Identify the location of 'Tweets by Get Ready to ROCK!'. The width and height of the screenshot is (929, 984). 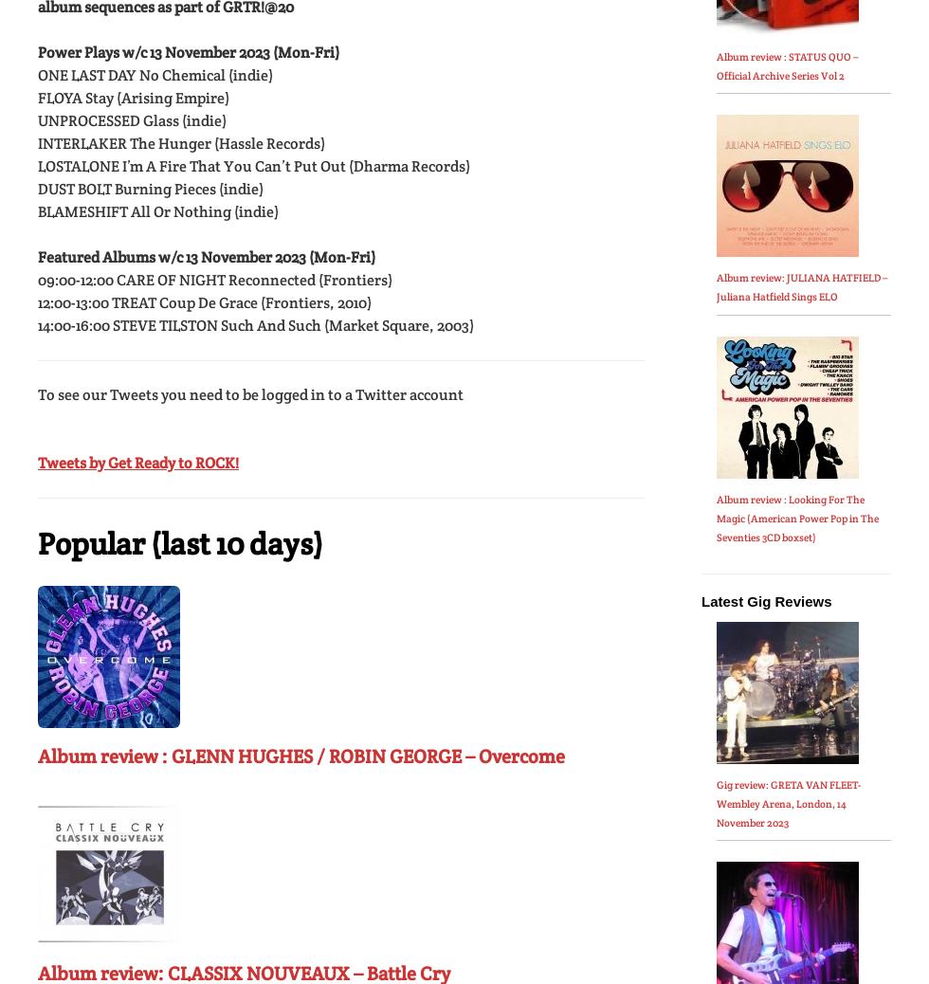
(138, 462).